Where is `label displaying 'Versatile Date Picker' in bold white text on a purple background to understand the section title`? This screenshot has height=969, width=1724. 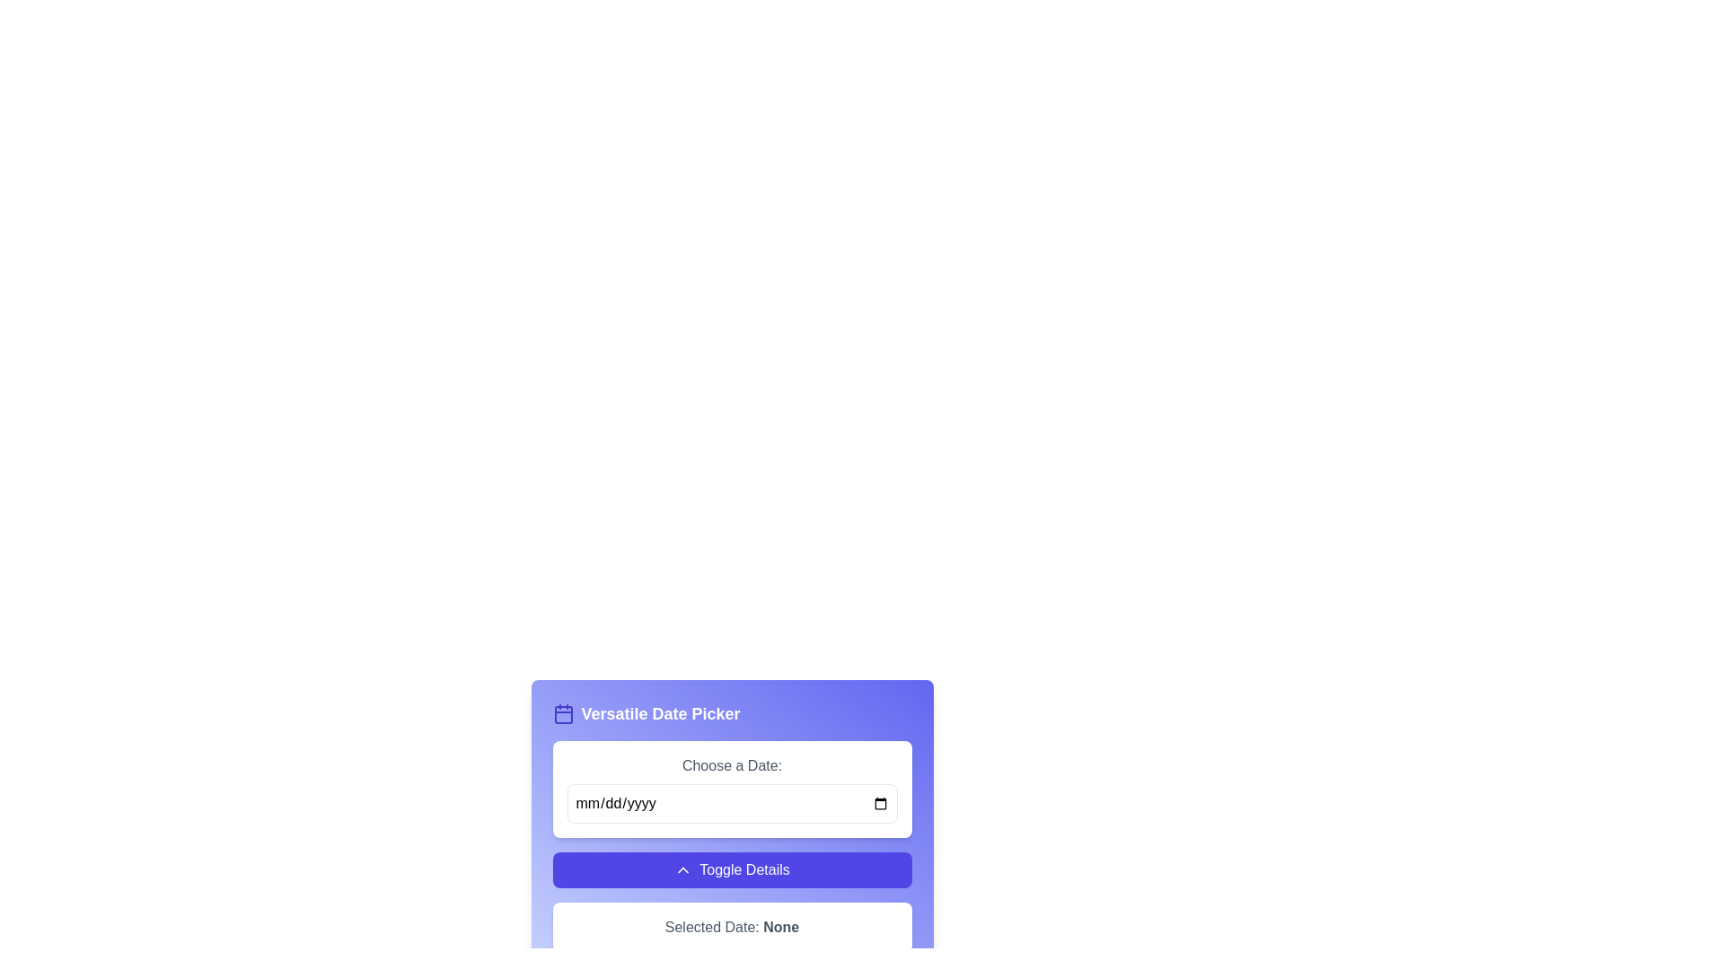
label displaying 'Versatile Date Picker' in bold white text on a purple background to understand the section title is located at coordinates (660, 712).